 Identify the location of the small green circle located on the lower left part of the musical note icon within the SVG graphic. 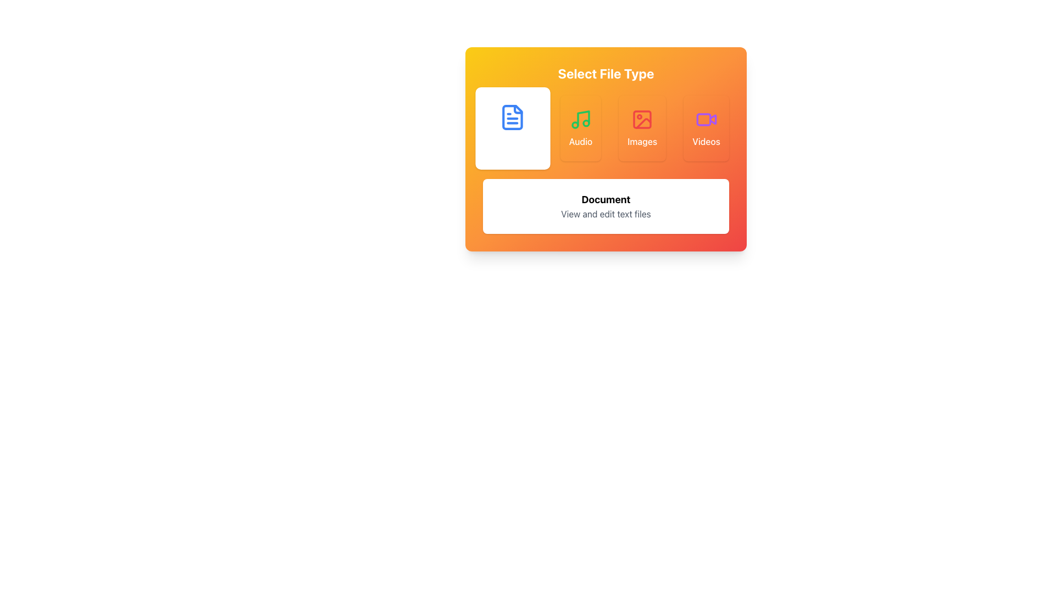
(574, 124).